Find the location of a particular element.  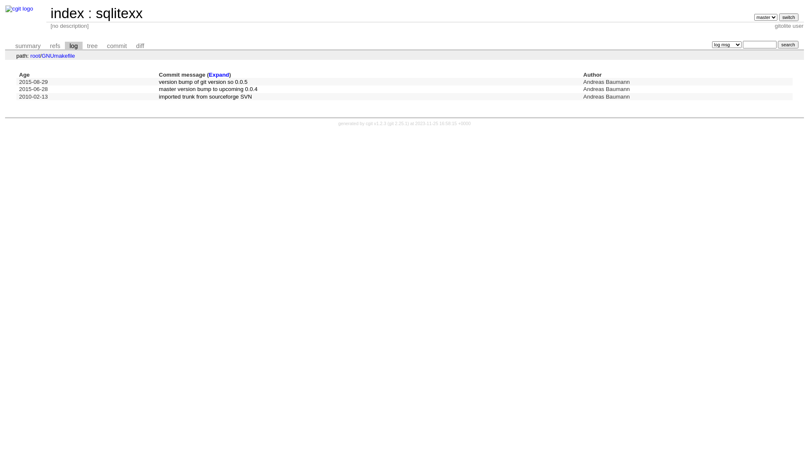

'Expand' is located at coordinates (219, 74).